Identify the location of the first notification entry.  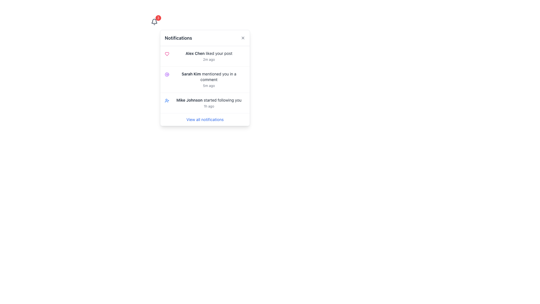
(205, 56).